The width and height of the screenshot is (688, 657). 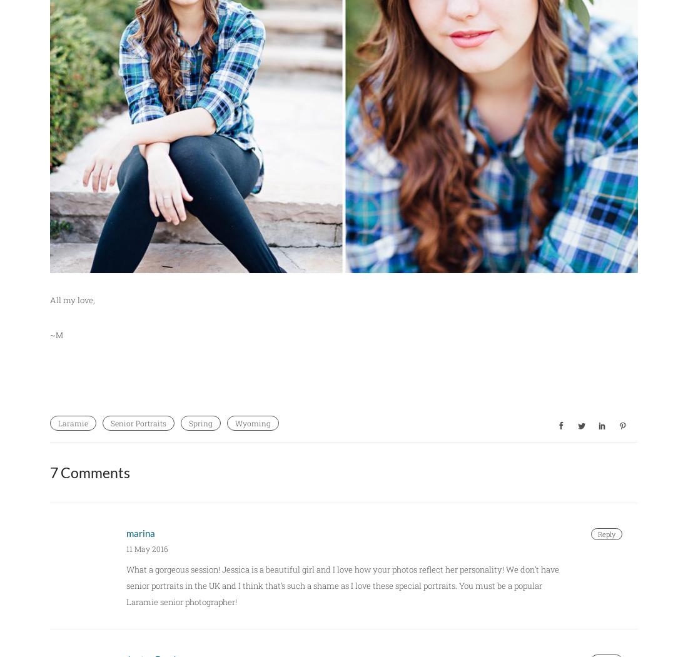 I want to click on 'Senior Portraits', so click(x=138, y=423).